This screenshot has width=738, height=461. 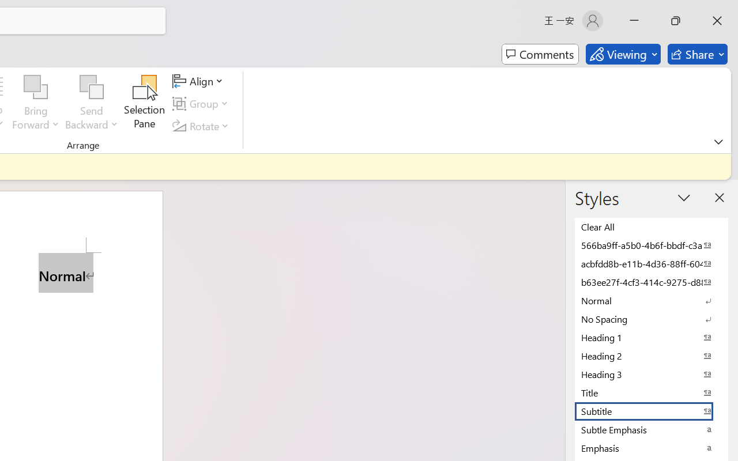 I want to click on 'Subtle Emphasis', so click(x=652, y=429).